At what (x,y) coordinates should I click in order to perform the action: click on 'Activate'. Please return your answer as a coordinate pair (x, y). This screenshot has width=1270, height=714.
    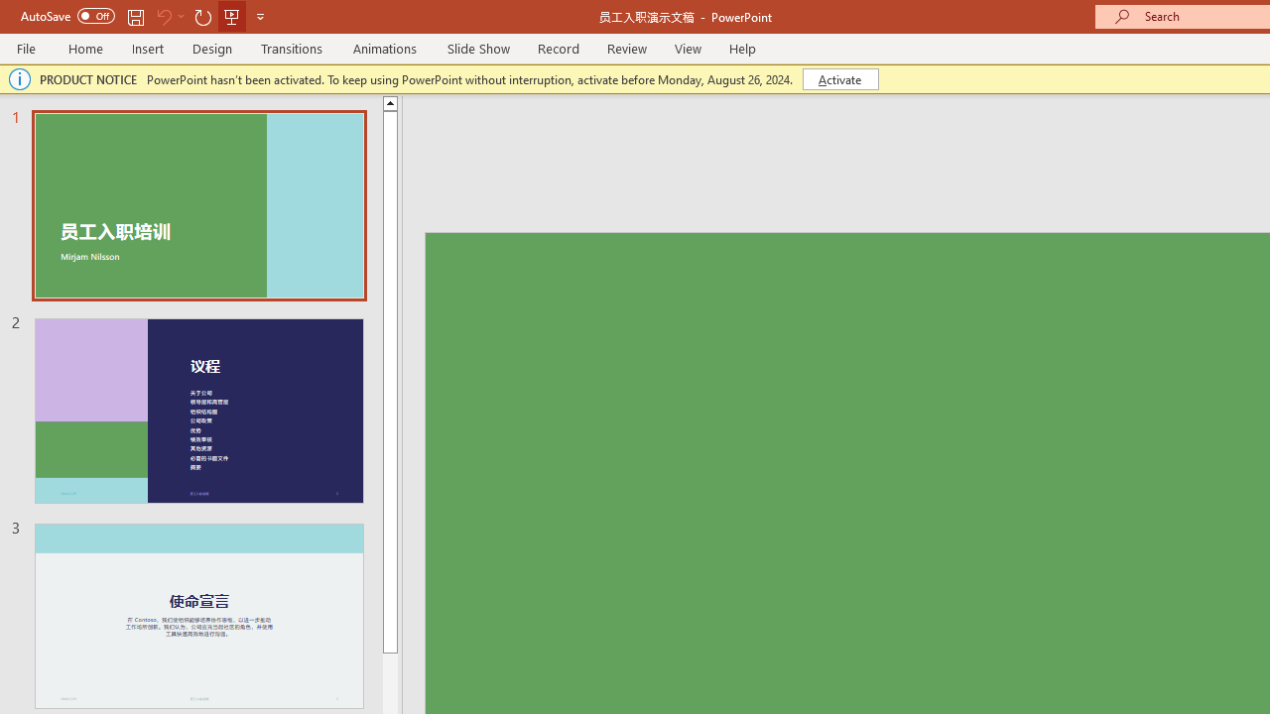
    Looking at the image, I should click on (840, 77).